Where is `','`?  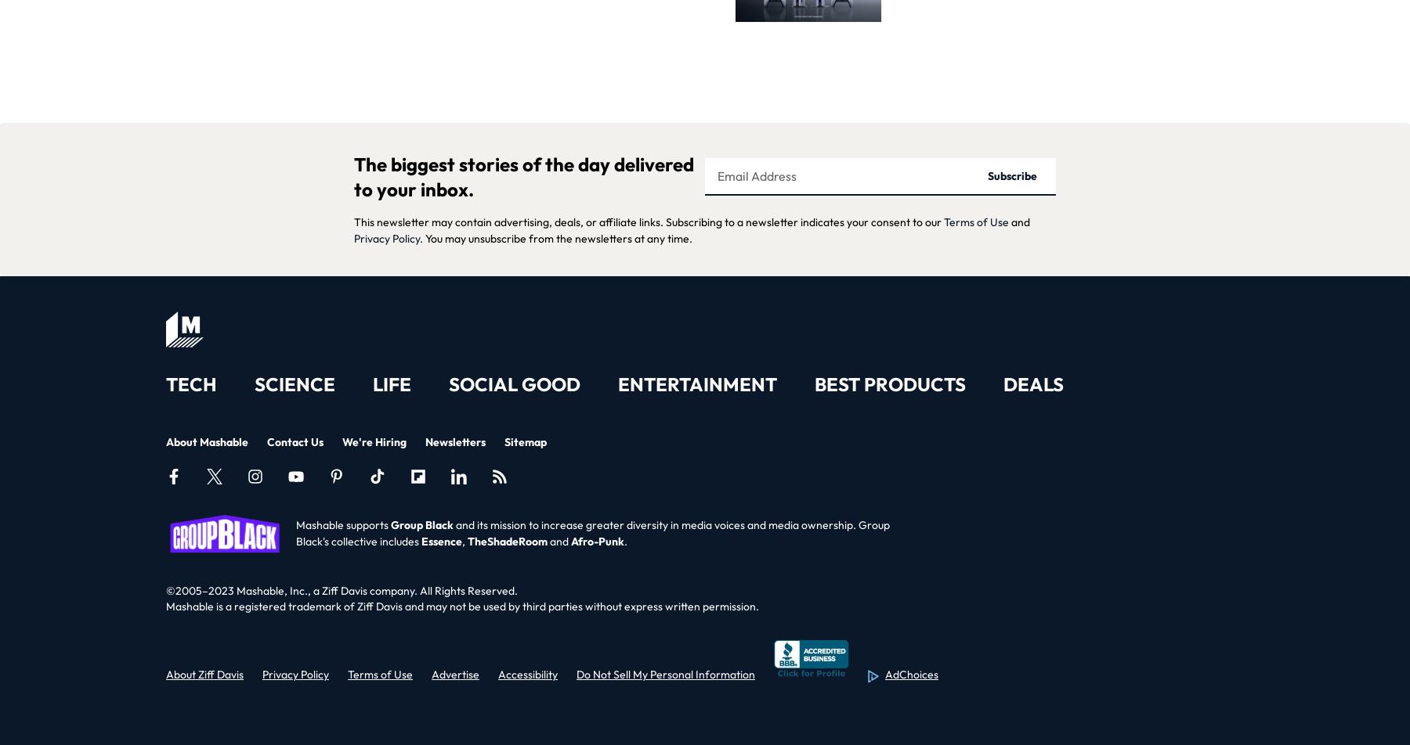
',' is located at coordinates (465, 542).